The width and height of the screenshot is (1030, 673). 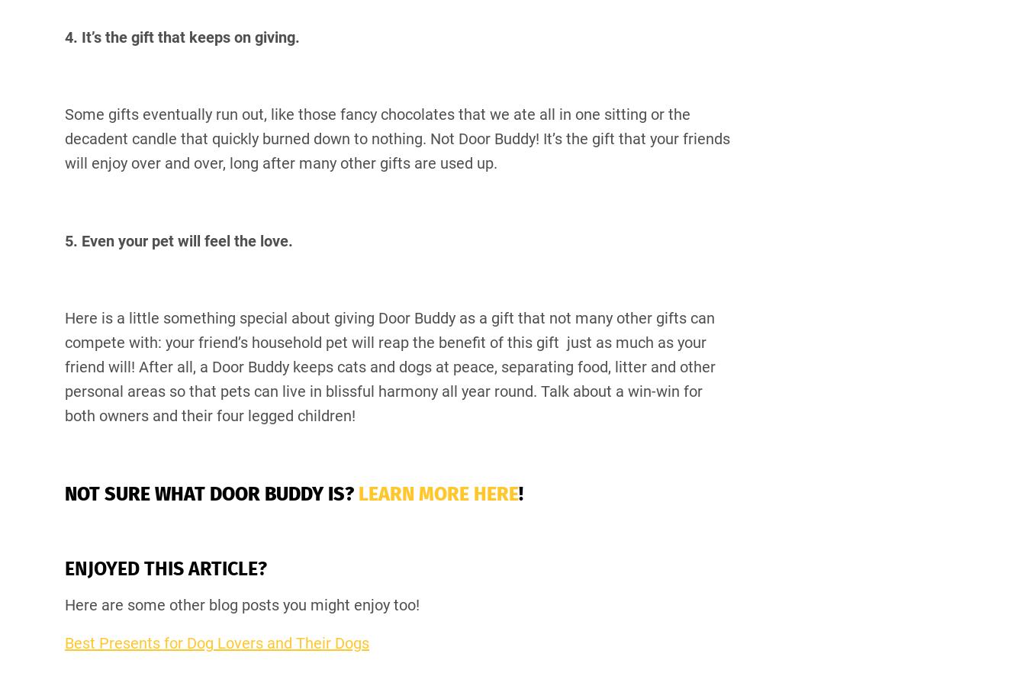 What do you see at coordinates (181, 35) in the screenshot?
I see `'4. It’s the gift that keeps on giving.'` at bounding box center [181, 35].